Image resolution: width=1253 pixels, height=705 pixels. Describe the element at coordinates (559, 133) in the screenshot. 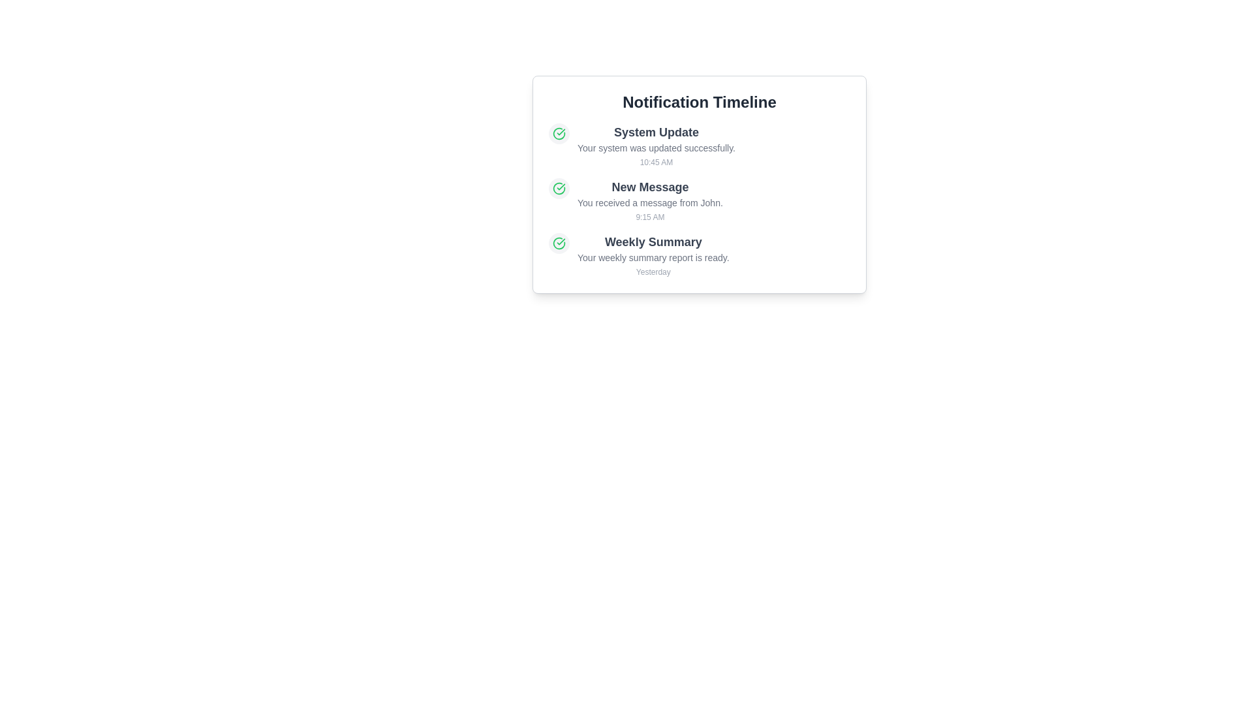

I see `the small circular icon with a light gray background and a green checkmark, located to the left of the text 'System Update' in the first notification entry` at that location.